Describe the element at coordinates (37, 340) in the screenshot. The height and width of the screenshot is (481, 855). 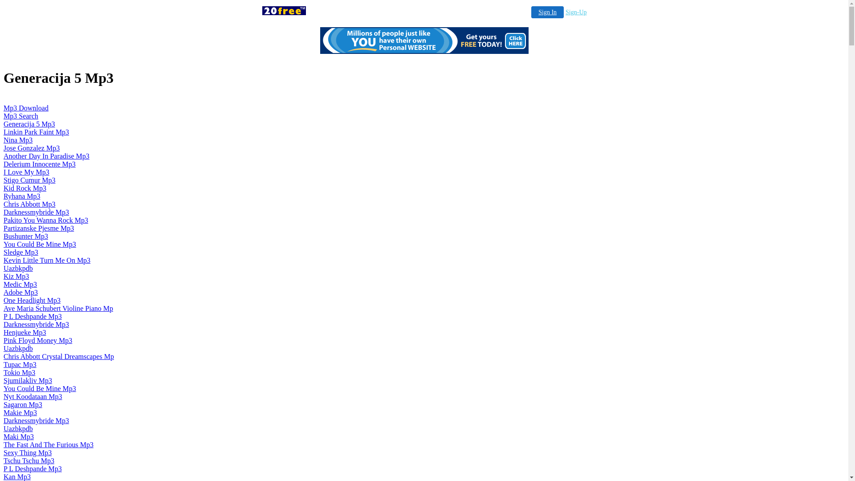
I see `'Pink Floyd Money Mp3'` at that location.